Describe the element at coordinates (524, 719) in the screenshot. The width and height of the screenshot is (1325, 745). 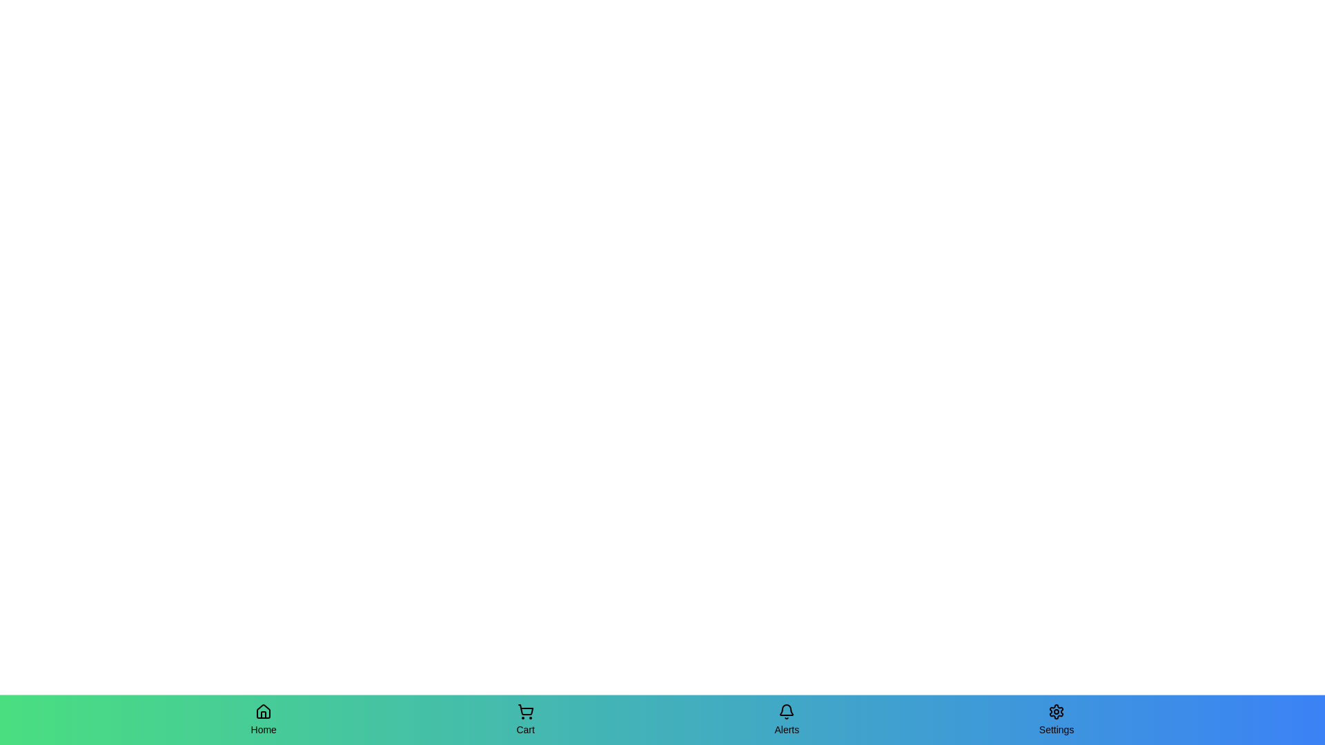
I see `the Cart tab by clicking on it` at that location.